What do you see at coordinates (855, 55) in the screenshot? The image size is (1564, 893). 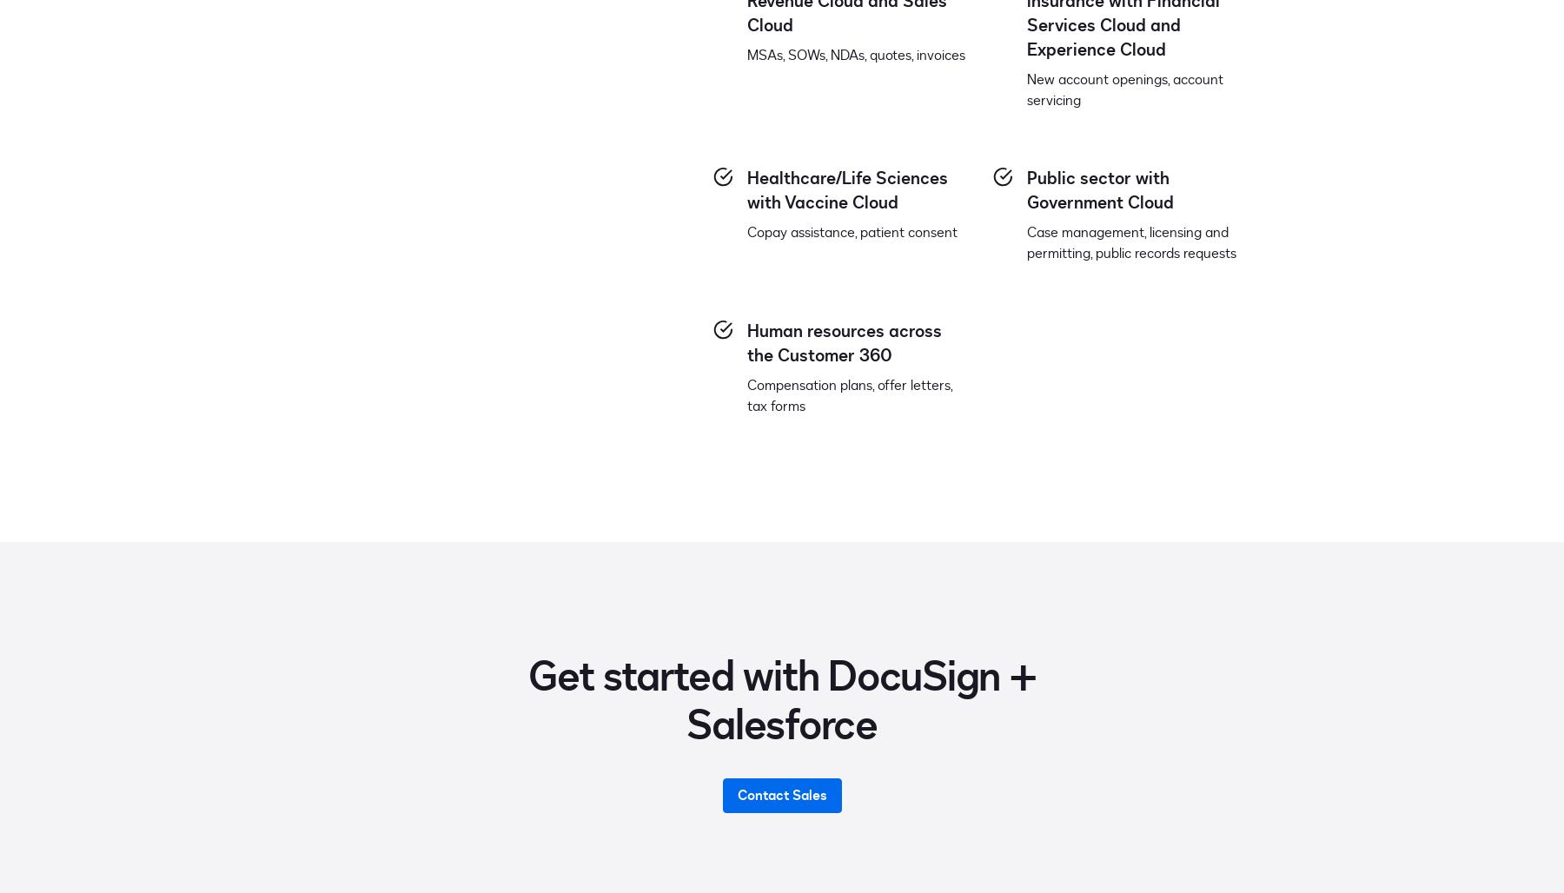 I see `'MSAs, SOWs, NDAs, quotes, invoices'` at bounding box center [855, 55].